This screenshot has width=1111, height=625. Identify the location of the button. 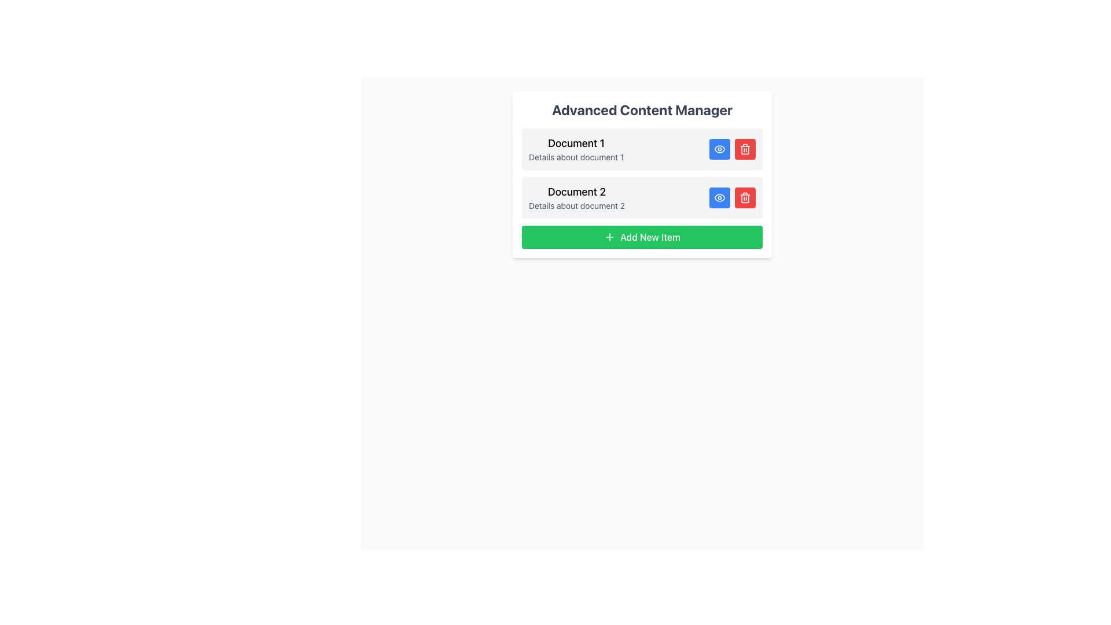
(719, 149).